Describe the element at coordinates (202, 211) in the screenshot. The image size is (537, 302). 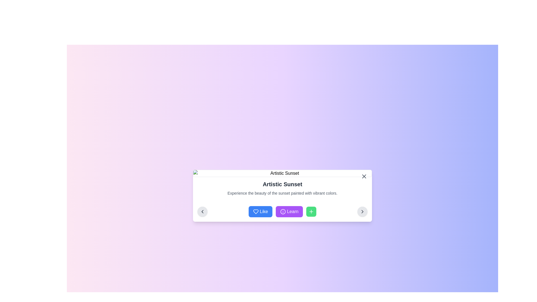
I see `the circular button with a light gray background and a chevron pointing left` at that location.